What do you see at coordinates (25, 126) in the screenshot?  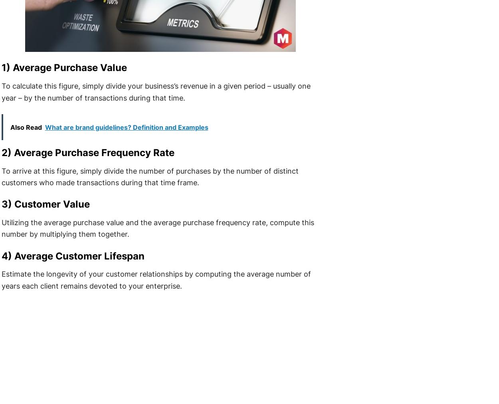 I see `'Also Read'` at bounding box center [25, 126].